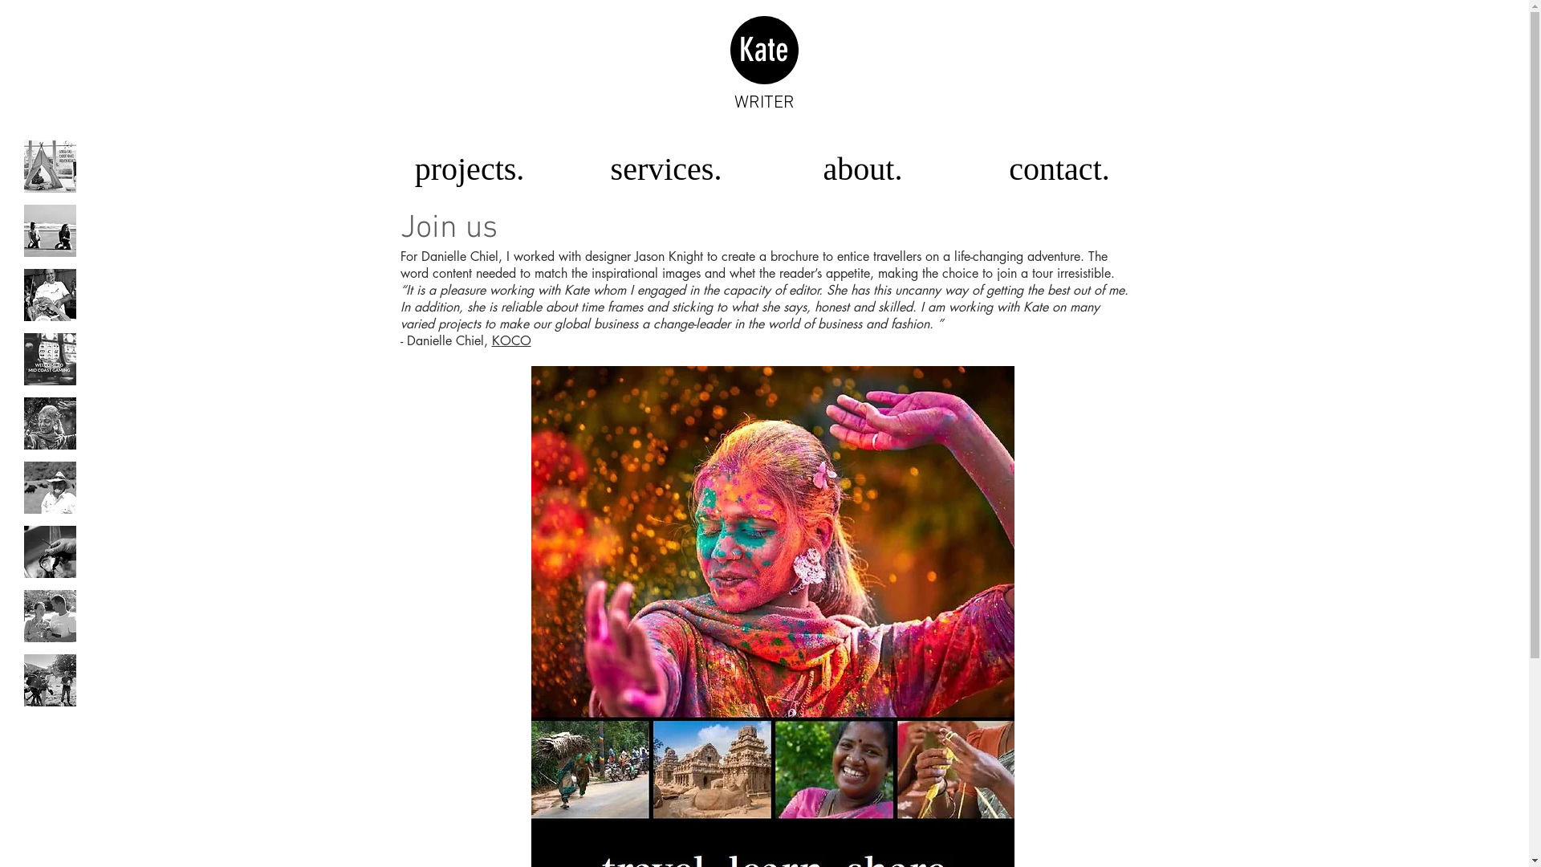 This screenshot has width=1541, height=867. What do you see at coordinates (666, 169) in the screenshot?
I see `'services.'` at bounding box center [666, 169].